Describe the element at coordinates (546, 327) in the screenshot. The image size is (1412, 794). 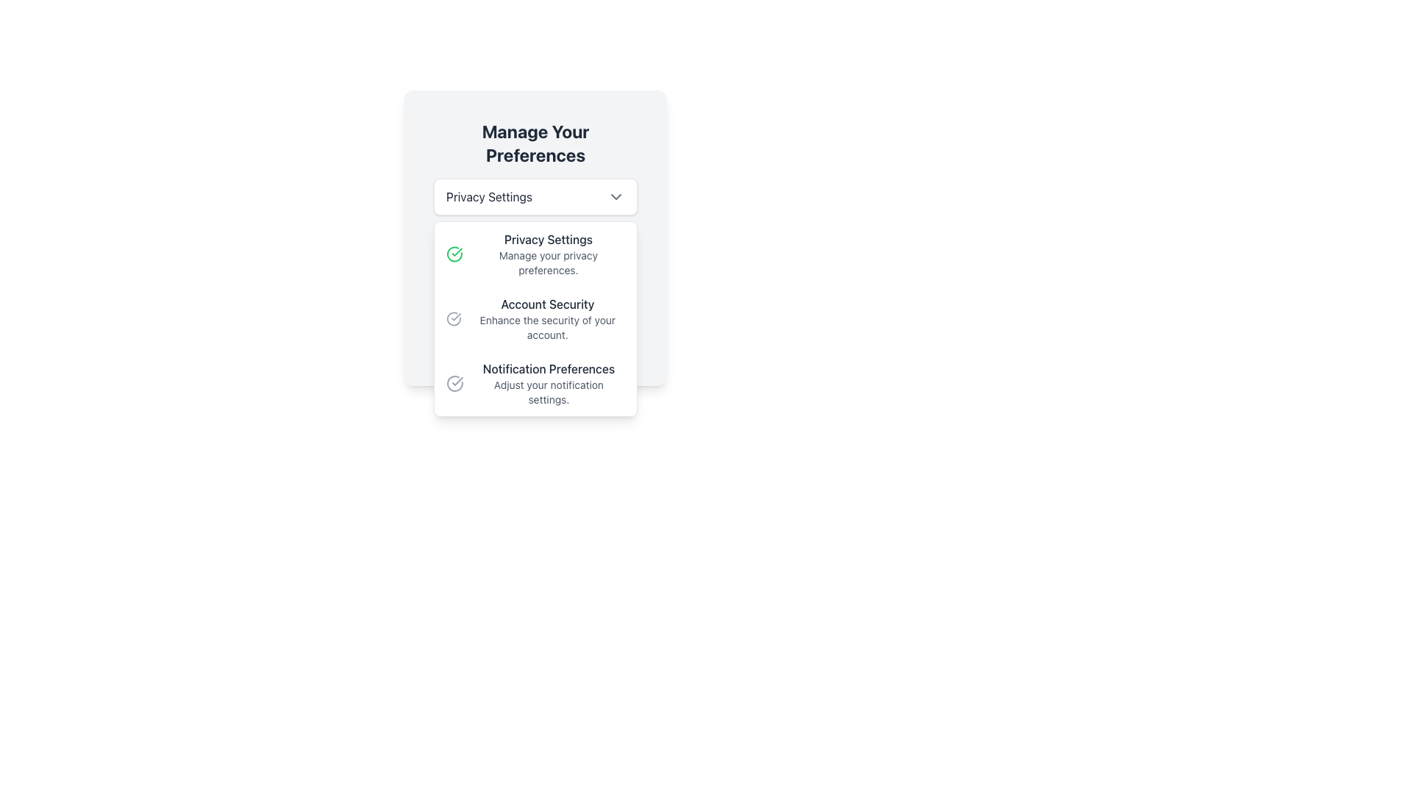
I see `the supplementary description text label for the 'Account Security' section, which is positioned below the bold text 'Account Security' in a settings panel` at that location.